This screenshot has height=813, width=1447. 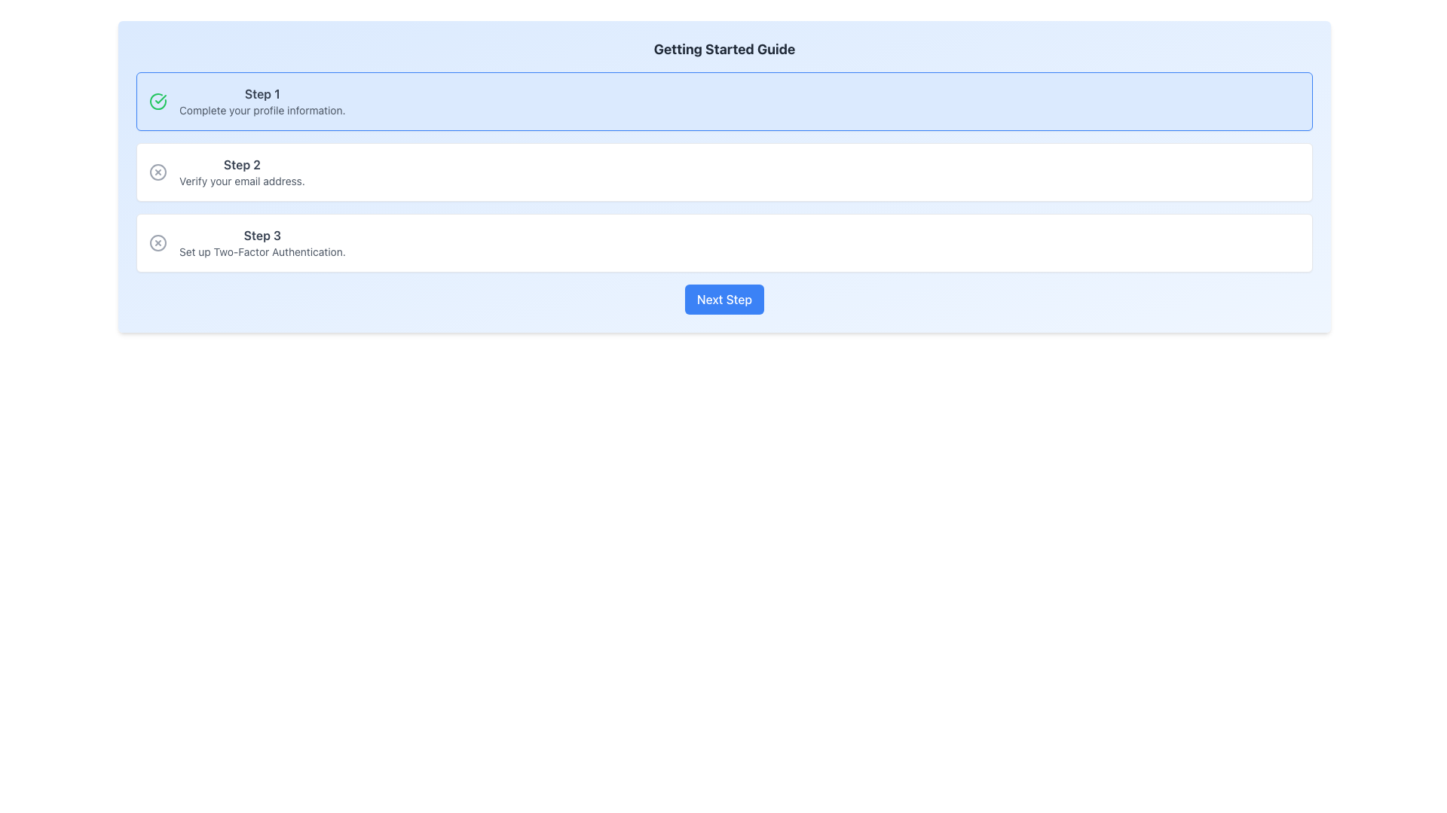 What do you see at coordinates (262, 93) in the screenshot?
I see `the 'Step 1' text label element, which displays in bold gray font and is located at the top of a blue box indicating profile completion` at bounding box center [262, 93].